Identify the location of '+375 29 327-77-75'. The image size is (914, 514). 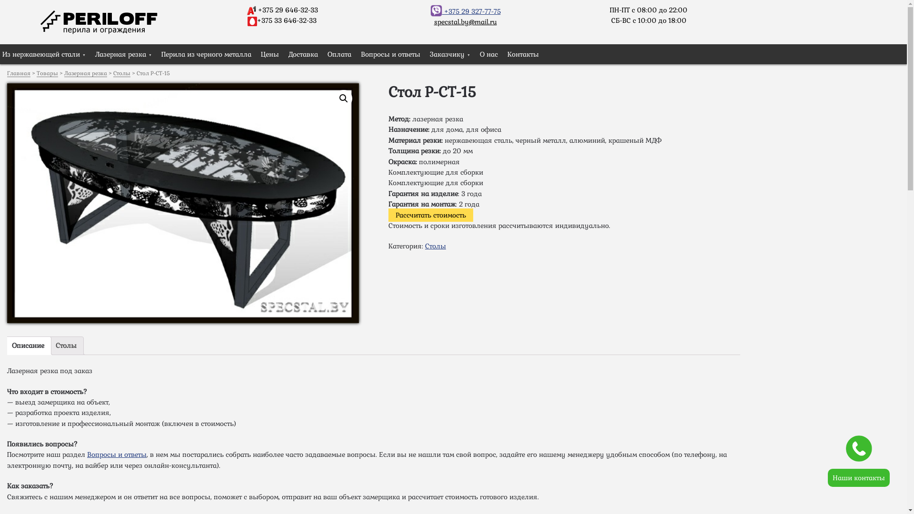
(466, 11).